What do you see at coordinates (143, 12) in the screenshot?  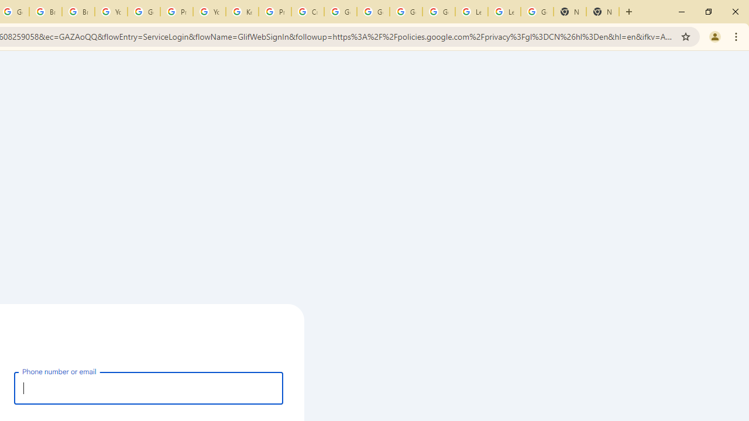 I see `'Google Account Help'` at bounding box center [143, 12].